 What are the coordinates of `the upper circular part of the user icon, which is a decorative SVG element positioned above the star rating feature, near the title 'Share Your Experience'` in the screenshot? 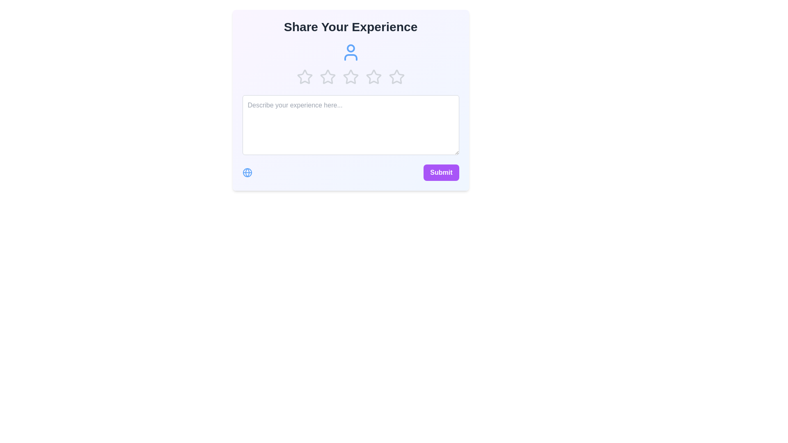 It's located at (350, 48).